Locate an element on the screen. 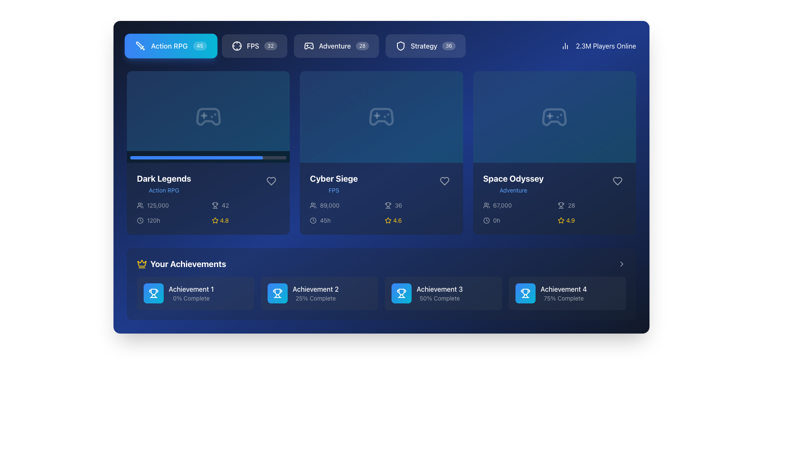  static rating display for the game 'Cyber Siege', which is located in the lower right section of the card and provides an informational rating of the game's quality is located at coordinates (419, 220).